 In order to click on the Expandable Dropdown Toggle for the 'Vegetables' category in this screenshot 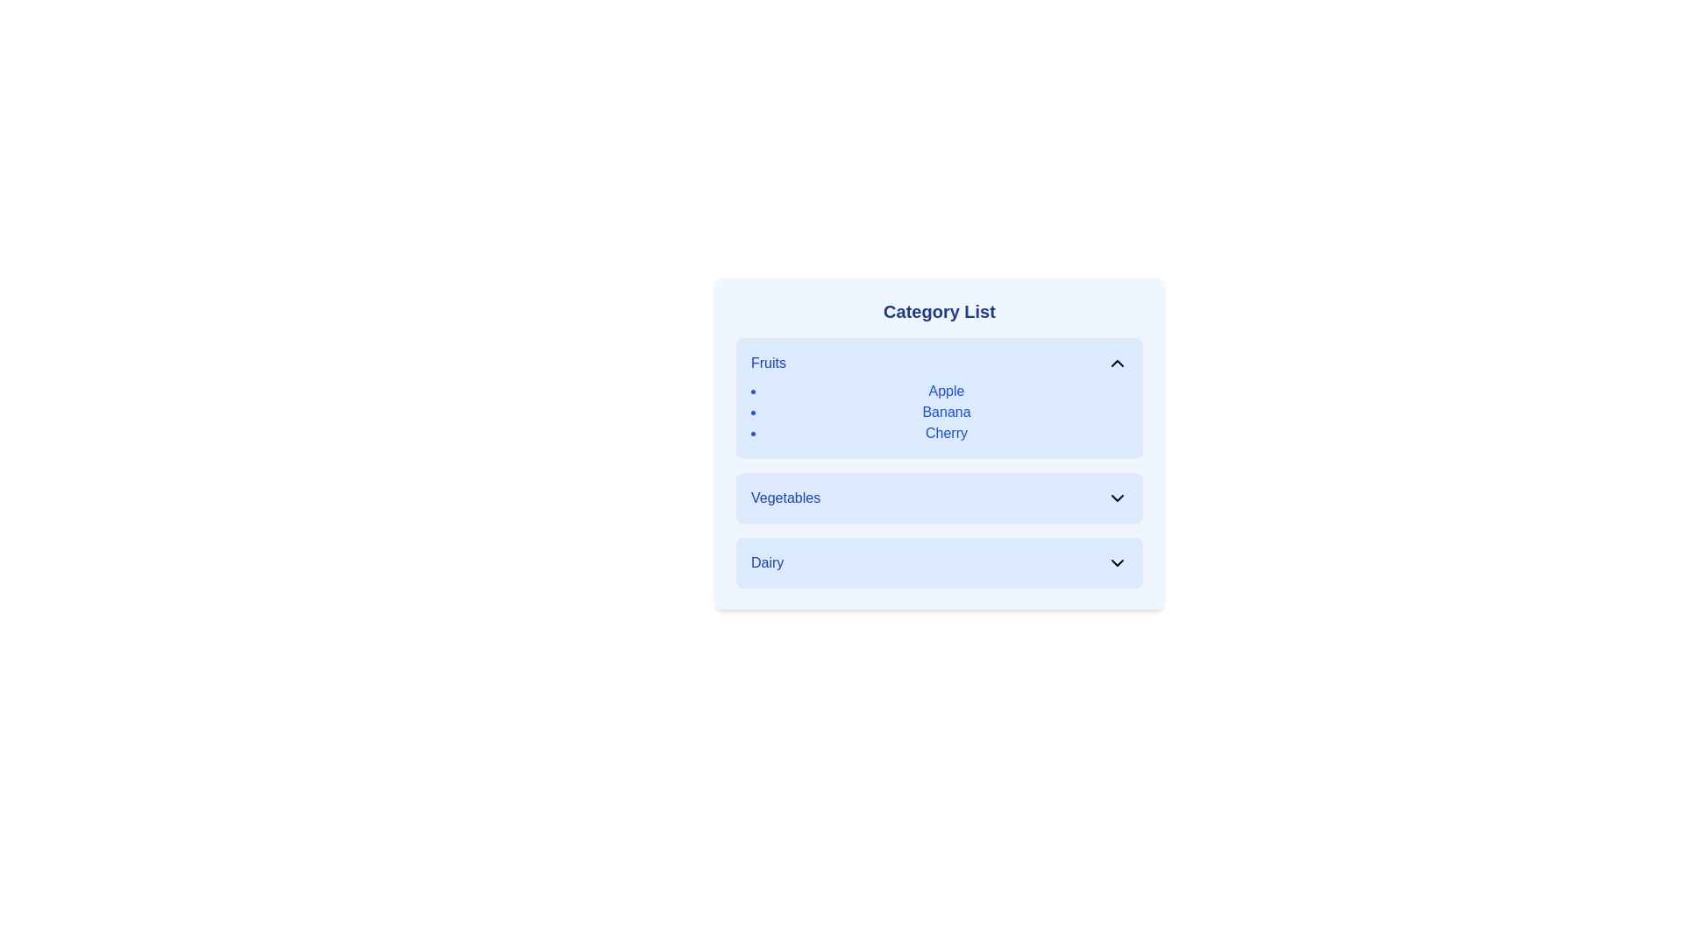, I will do `click(938, 498)`.